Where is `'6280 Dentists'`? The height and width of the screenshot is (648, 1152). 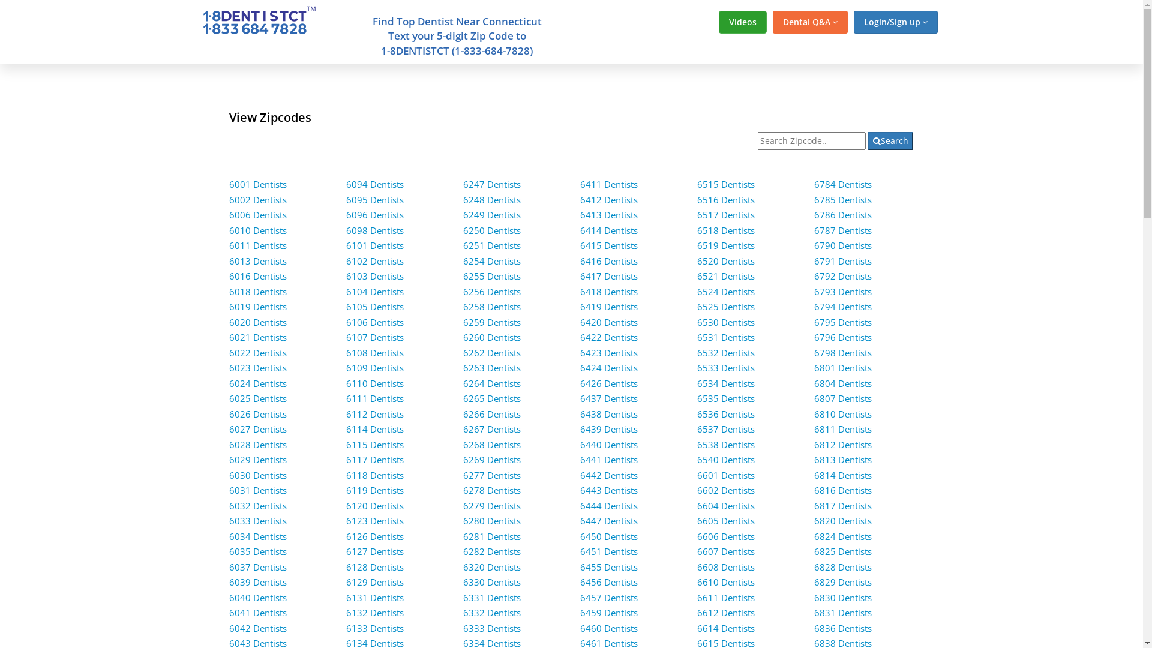
'6280 Dentists' is located at coordinates (463, 520).